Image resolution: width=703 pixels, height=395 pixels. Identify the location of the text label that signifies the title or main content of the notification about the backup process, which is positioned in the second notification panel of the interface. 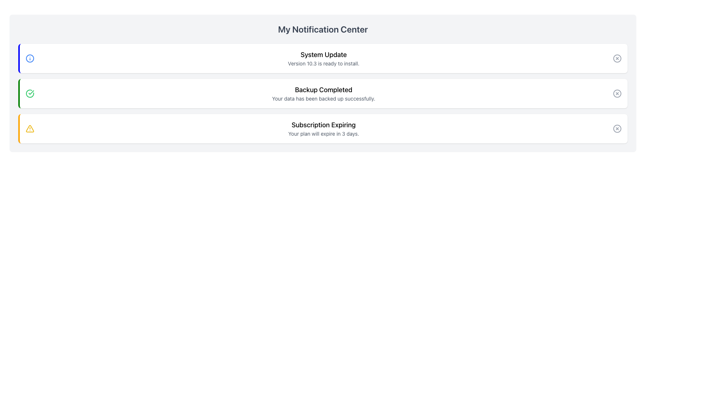
(323, 90).